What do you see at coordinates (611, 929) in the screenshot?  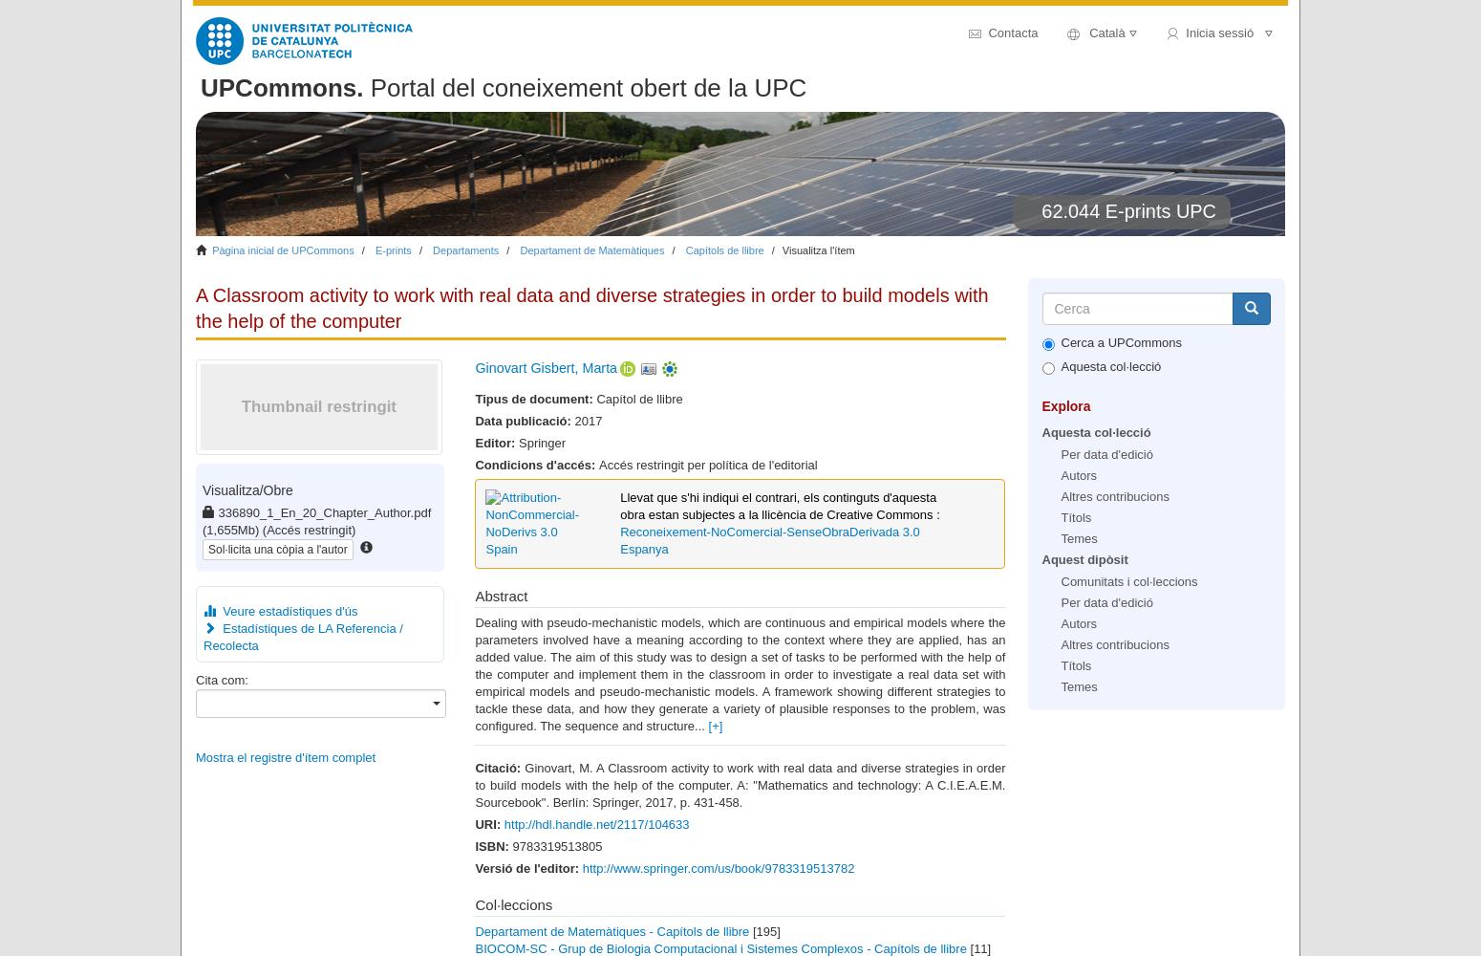 I see `'Departament de Matemàtiques -
		        Capítols de llibre'` at bounding box center [611, 929].